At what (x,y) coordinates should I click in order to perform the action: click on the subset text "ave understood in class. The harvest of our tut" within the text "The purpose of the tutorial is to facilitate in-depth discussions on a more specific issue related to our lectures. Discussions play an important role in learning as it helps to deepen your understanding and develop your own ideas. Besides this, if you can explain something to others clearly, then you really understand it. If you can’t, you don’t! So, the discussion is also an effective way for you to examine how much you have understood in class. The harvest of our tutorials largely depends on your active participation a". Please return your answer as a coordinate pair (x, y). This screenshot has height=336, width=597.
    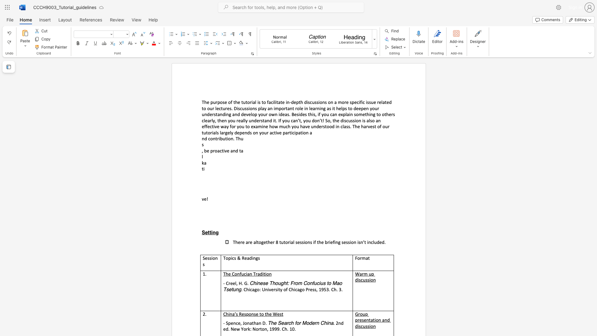
    Looking at the image, I should click on (303, 126).